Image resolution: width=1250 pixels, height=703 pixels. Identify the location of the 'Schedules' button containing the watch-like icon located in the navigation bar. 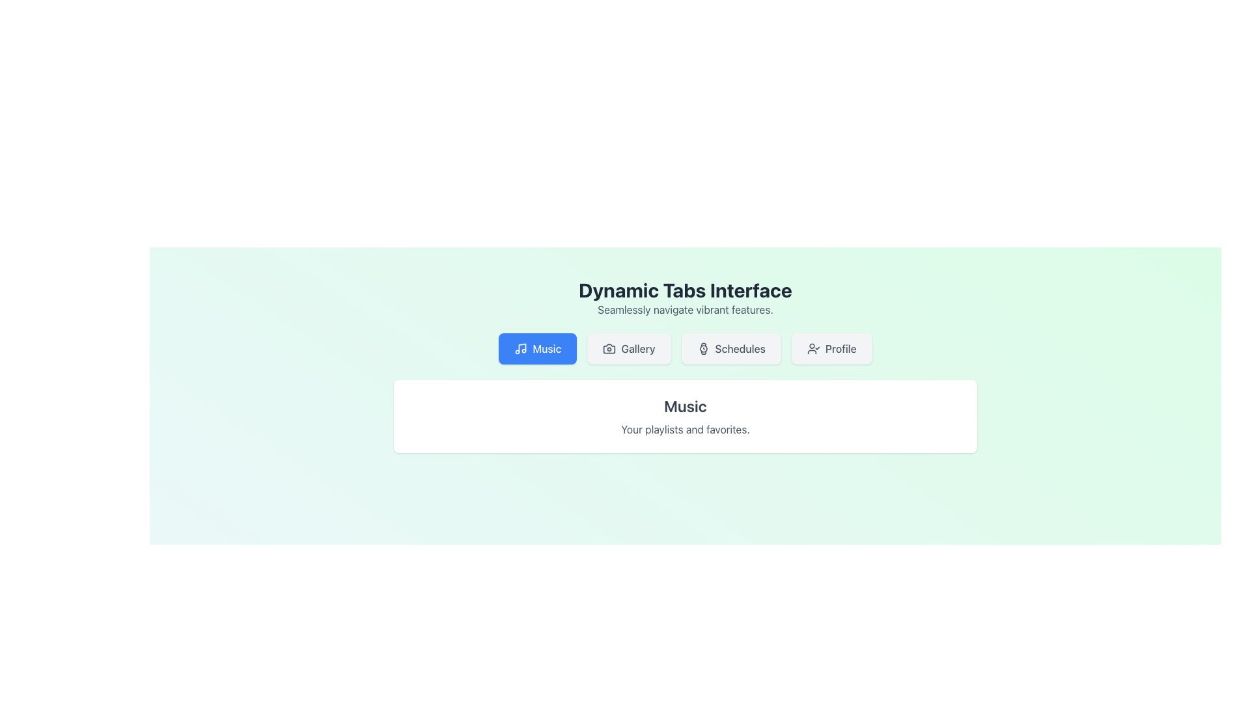
(702, 348).